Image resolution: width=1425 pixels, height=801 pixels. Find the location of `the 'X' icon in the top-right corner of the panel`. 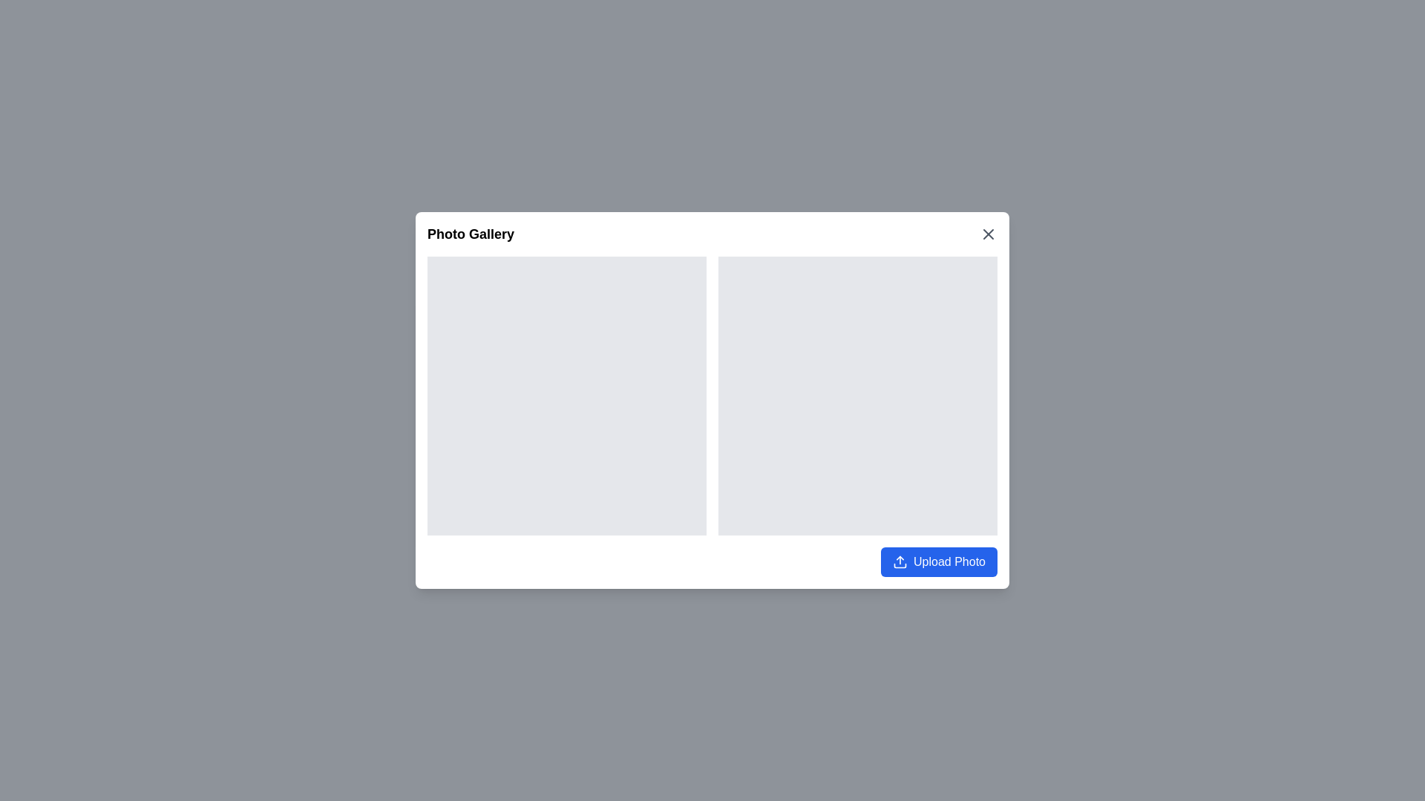

the 'X' icon in the top-right corner of the panel is located at coordinates (988, 234).